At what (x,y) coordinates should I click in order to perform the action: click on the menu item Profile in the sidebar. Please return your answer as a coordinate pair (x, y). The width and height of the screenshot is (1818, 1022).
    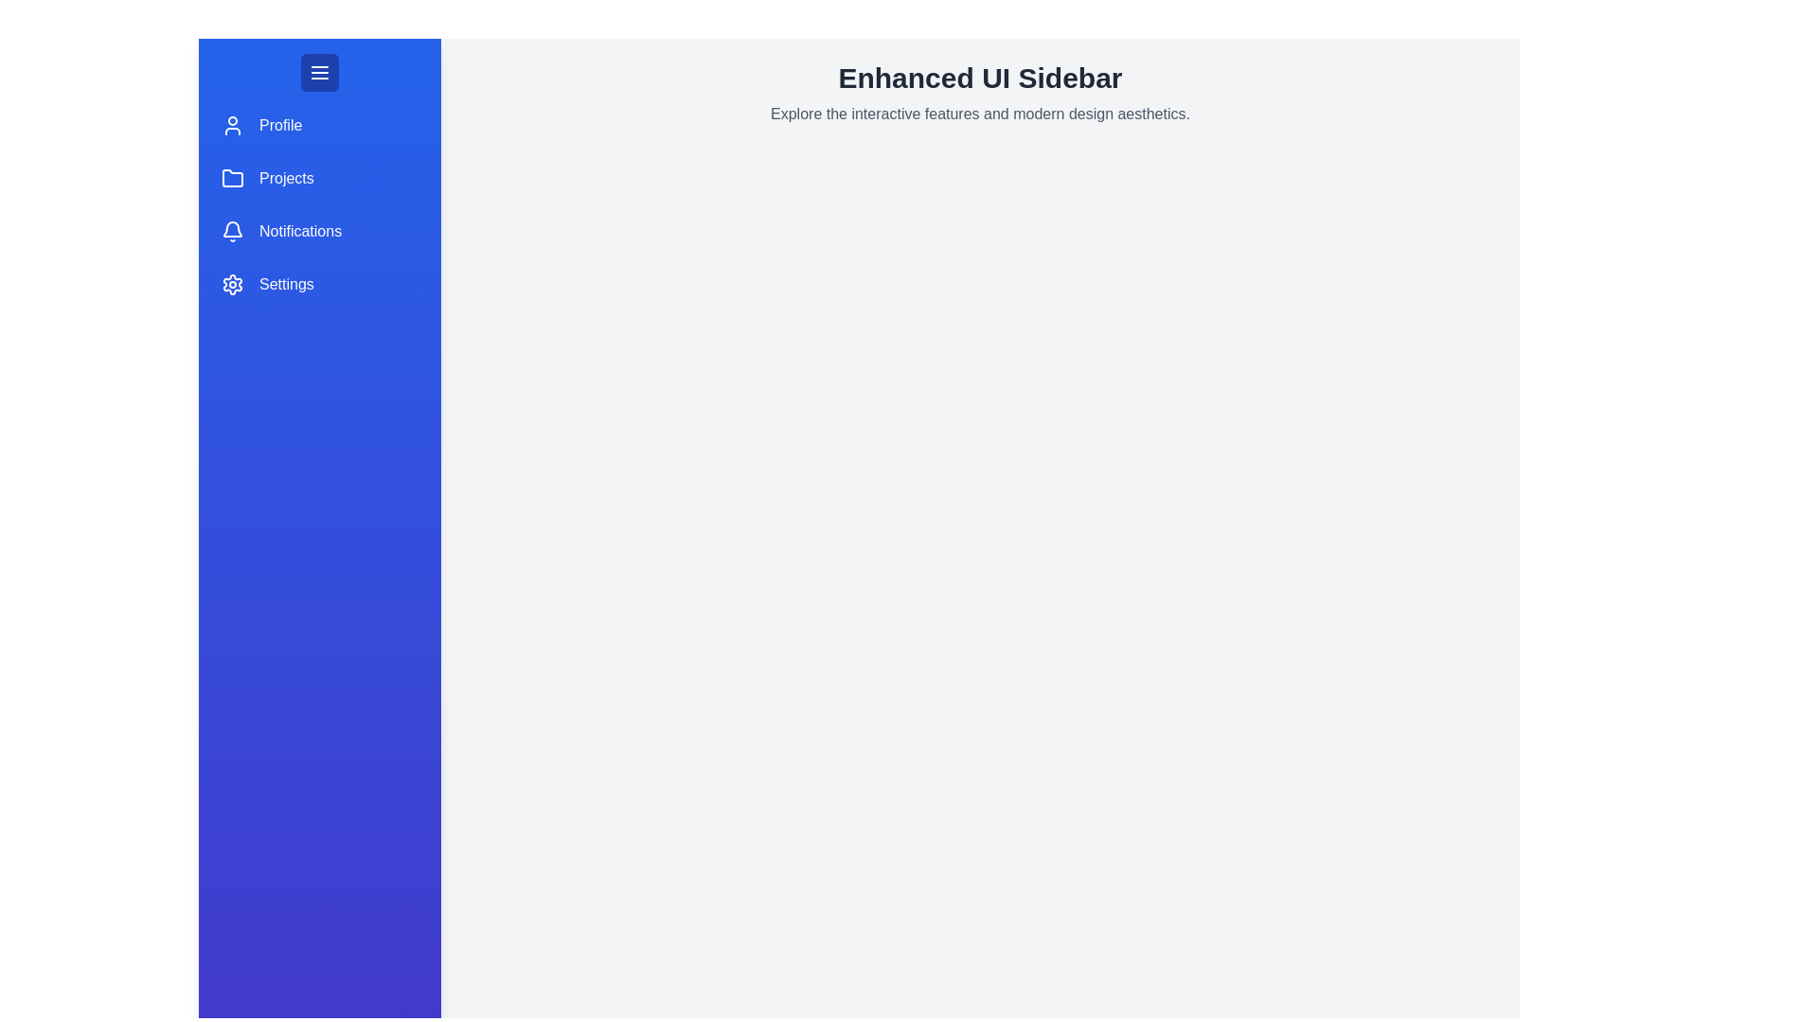
    Looking at the image, I should click on (319, 125).